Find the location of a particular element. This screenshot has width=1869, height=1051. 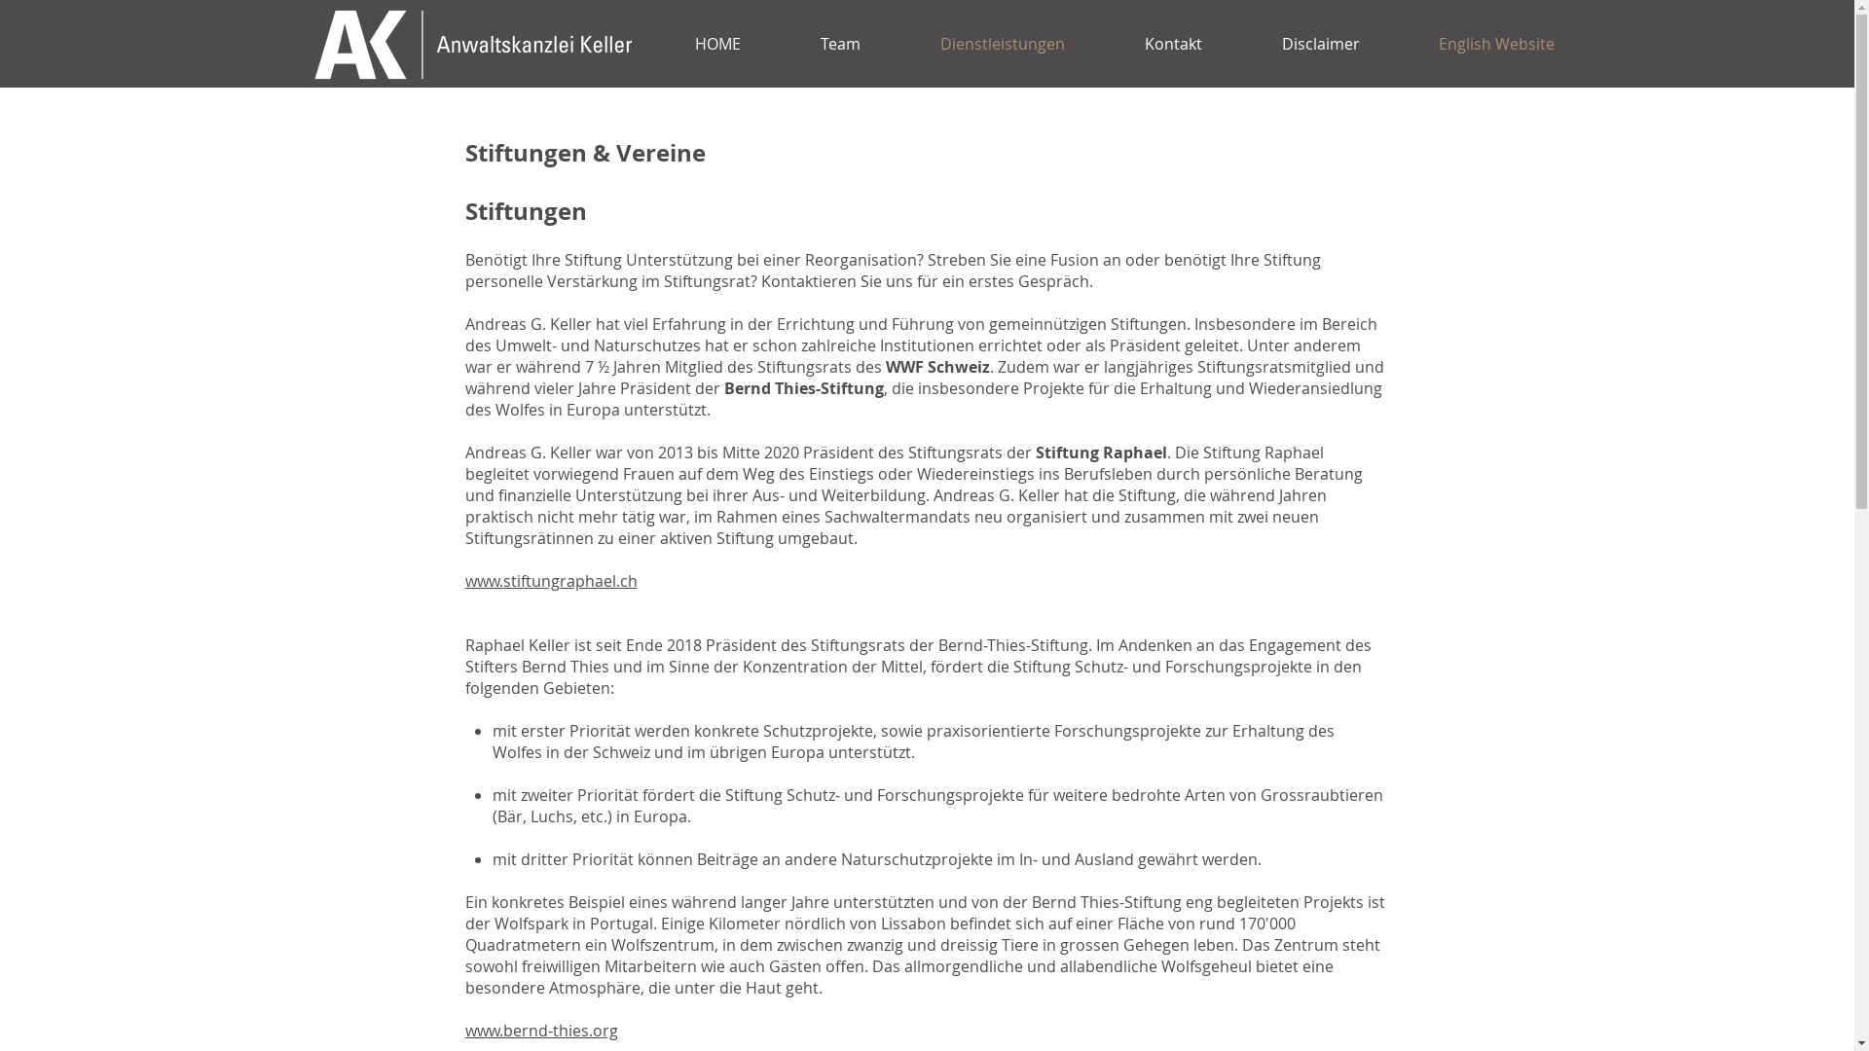

'Team' is located at coordinates (840, 44).